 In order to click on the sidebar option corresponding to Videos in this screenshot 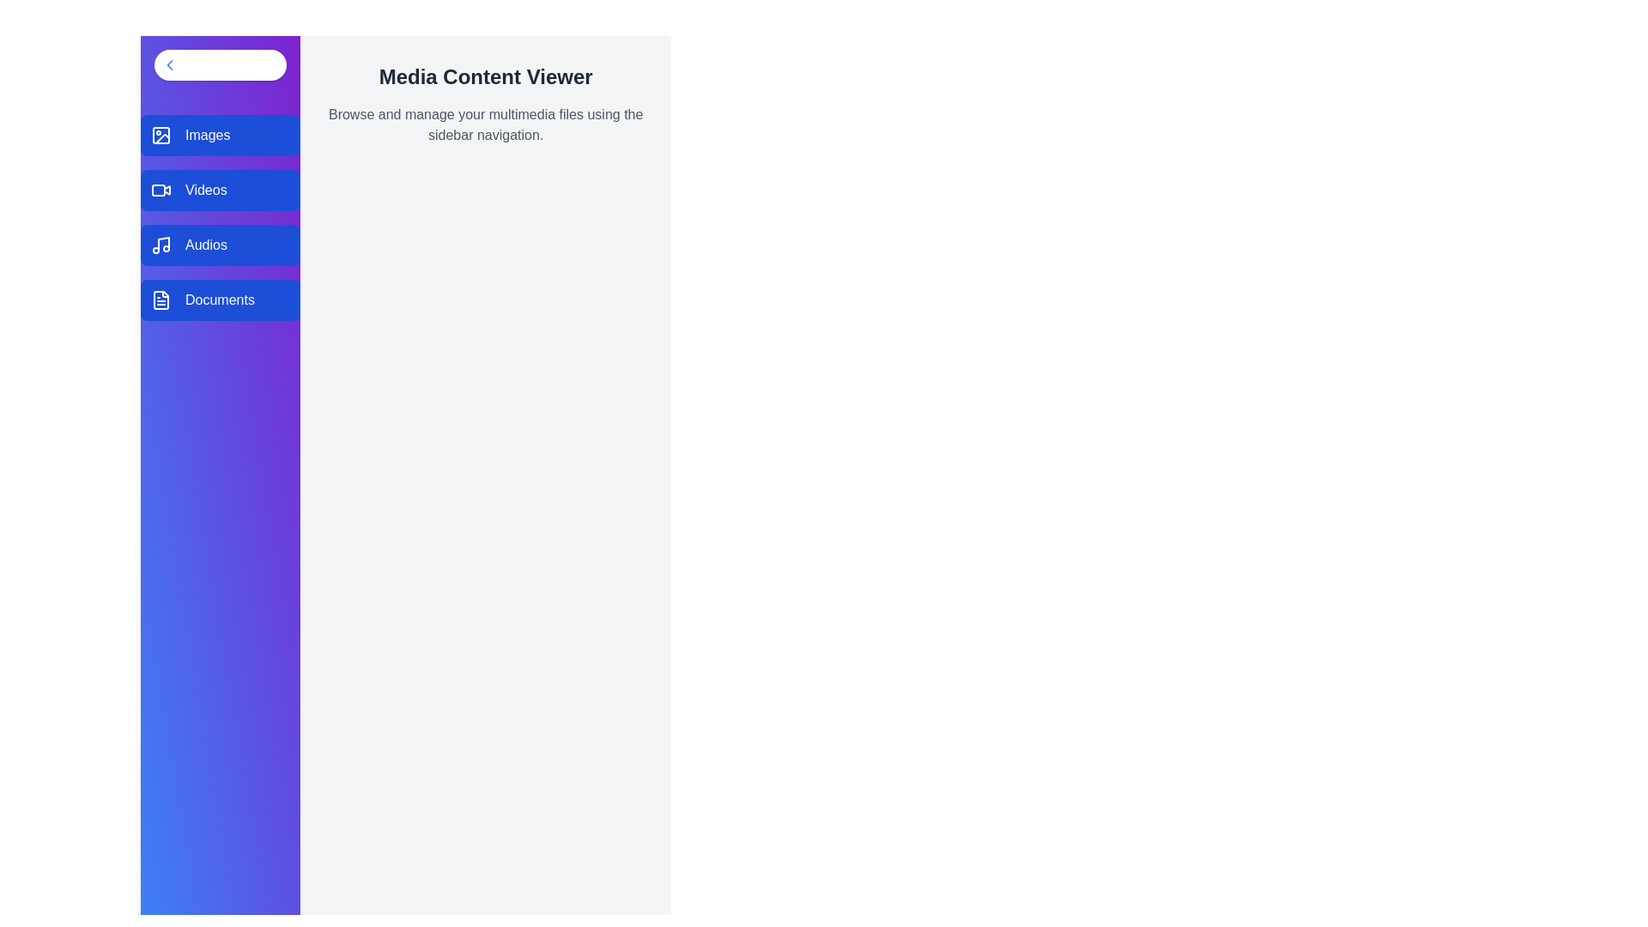, I will do `click(220, 191)`.